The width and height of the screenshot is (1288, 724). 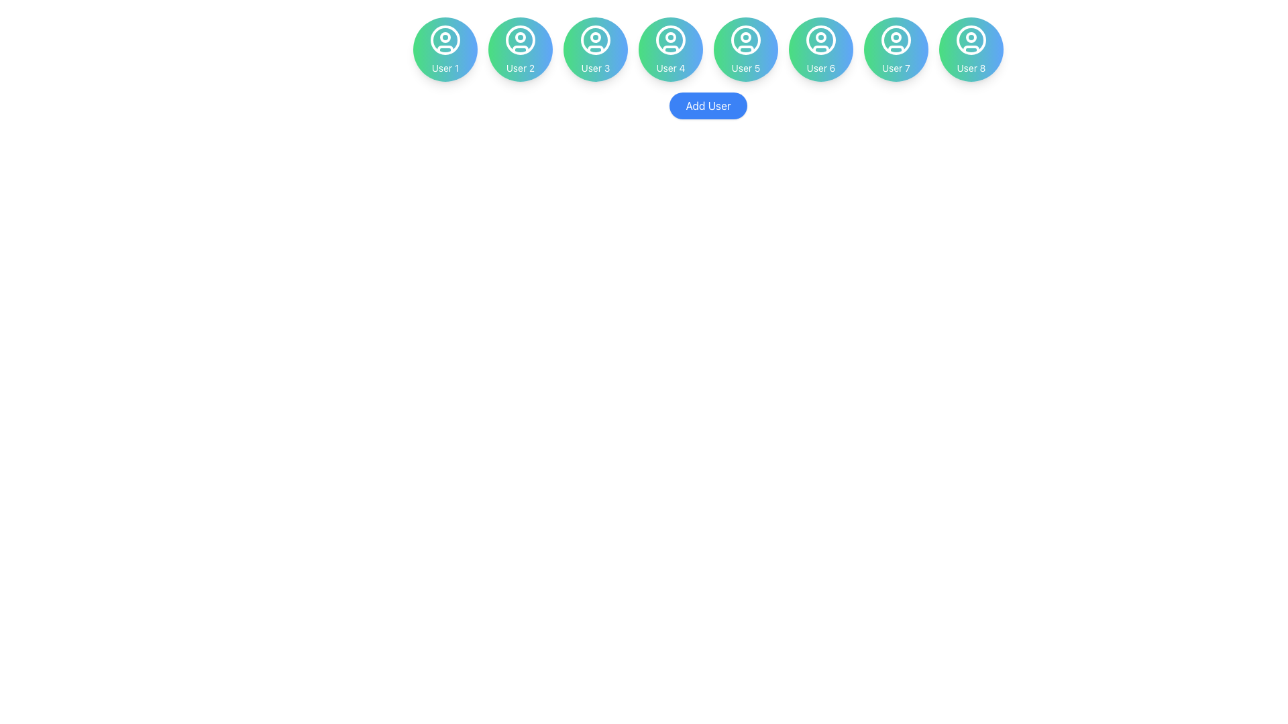 I want to click on the circular user icon representing 'User 2' located in the second user item of the horizontal row, so click(x=520, y=40).